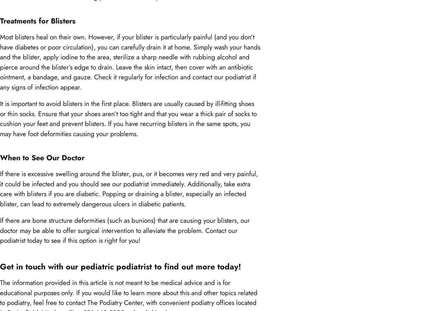 This screenshot has height=311, width=429. I want to click on 'Website Accessibility', so click(37, 169).